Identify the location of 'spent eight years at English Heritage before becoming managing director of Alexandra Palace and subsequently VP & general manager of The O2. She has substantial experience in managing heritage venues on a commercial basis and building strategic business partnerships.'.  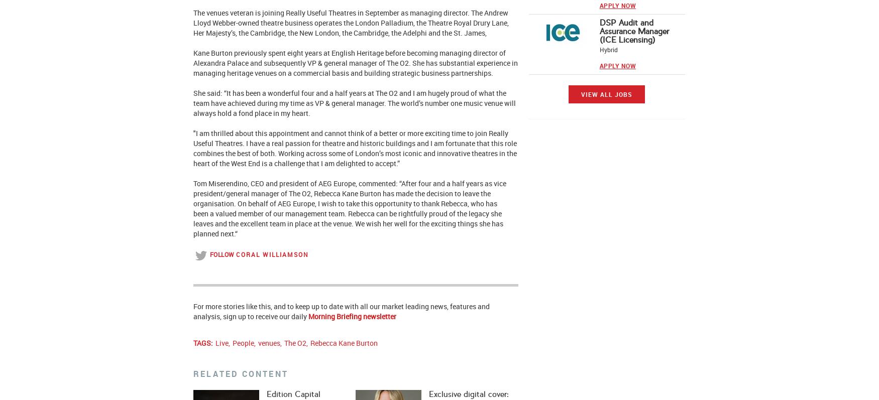
(356, 62).